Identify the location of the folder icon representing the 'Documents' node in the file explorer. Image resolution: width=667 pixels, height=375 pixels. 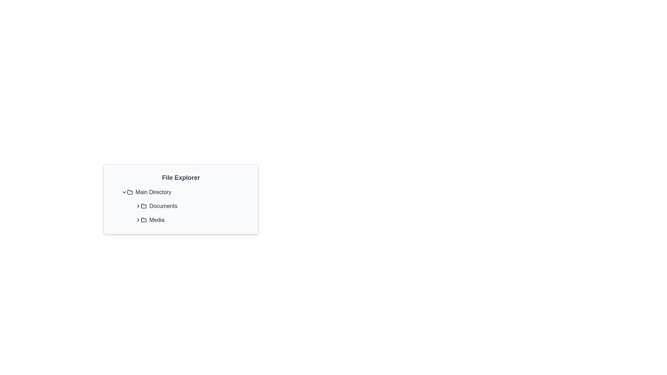
(143, 206).